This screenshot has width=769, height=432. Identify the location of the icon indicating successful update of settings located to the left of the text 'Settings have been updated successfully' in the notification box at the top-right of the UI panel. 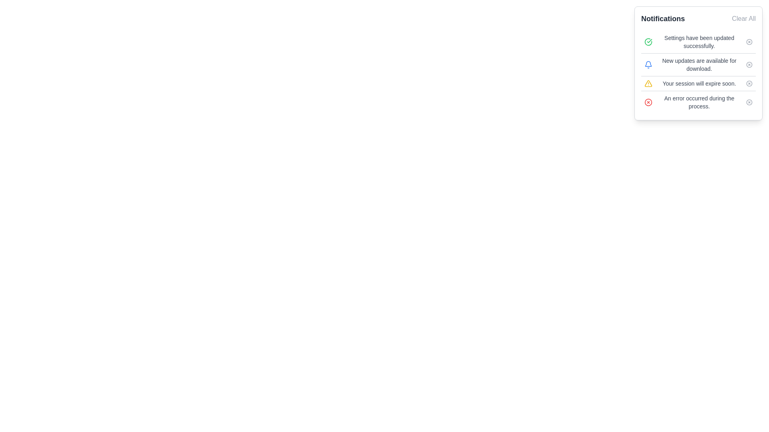
(648, 42).